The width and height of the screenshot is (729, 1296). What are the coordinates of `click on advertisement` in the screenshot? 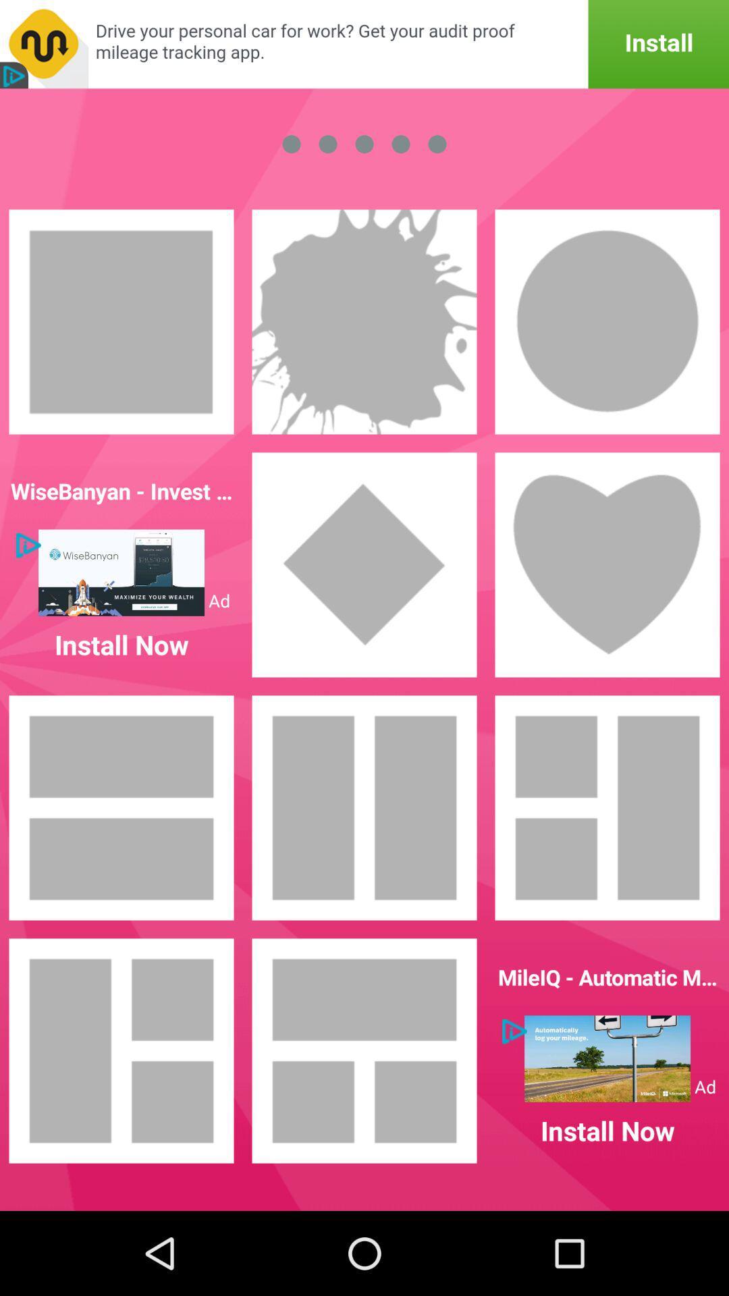 It's located at (606, 1058).